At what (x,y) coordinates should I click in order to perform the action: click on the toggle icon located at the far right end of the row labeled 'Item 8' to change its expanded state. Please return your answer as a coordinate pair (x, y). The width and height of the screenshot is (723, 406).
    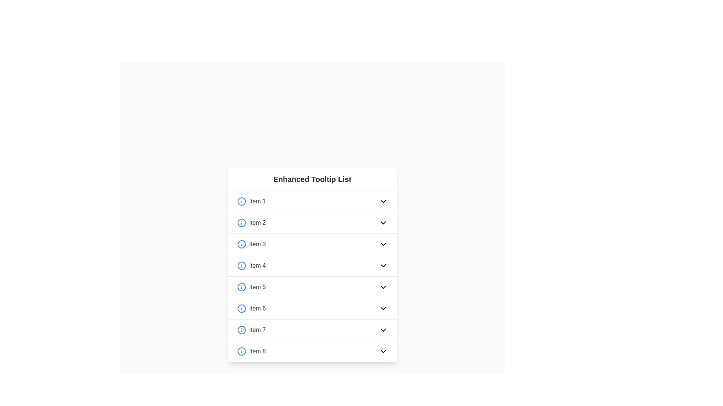
    Looking at the image, I should click on (383, 351).